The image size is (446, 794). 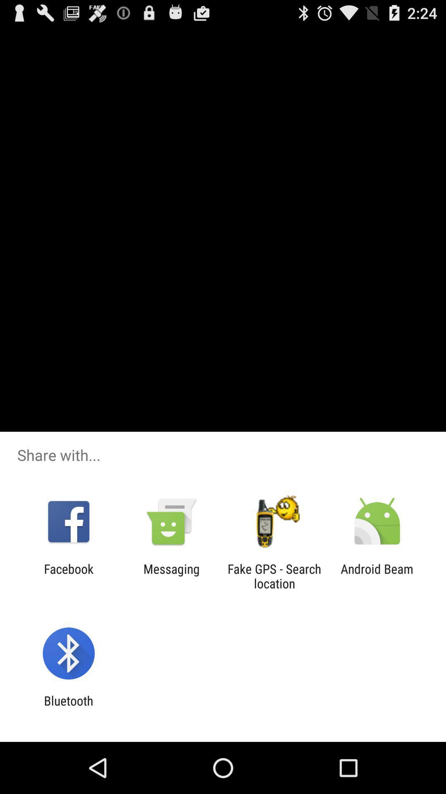 I want to click on the android beam, so click(x=377, y=576).